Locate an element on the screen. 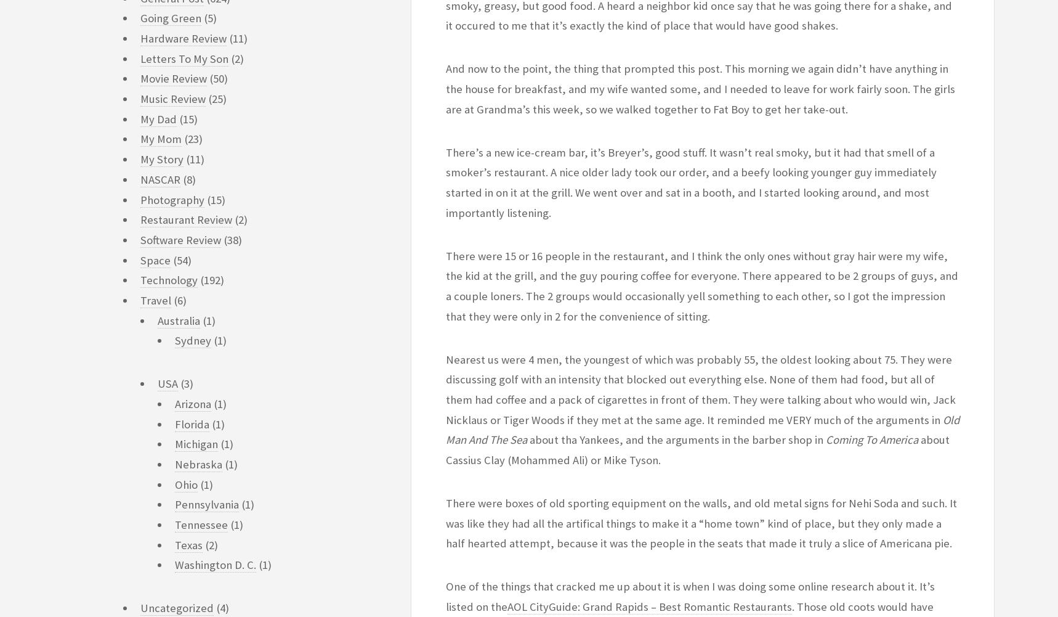  '(192)' is located at coordinates (211, 280).